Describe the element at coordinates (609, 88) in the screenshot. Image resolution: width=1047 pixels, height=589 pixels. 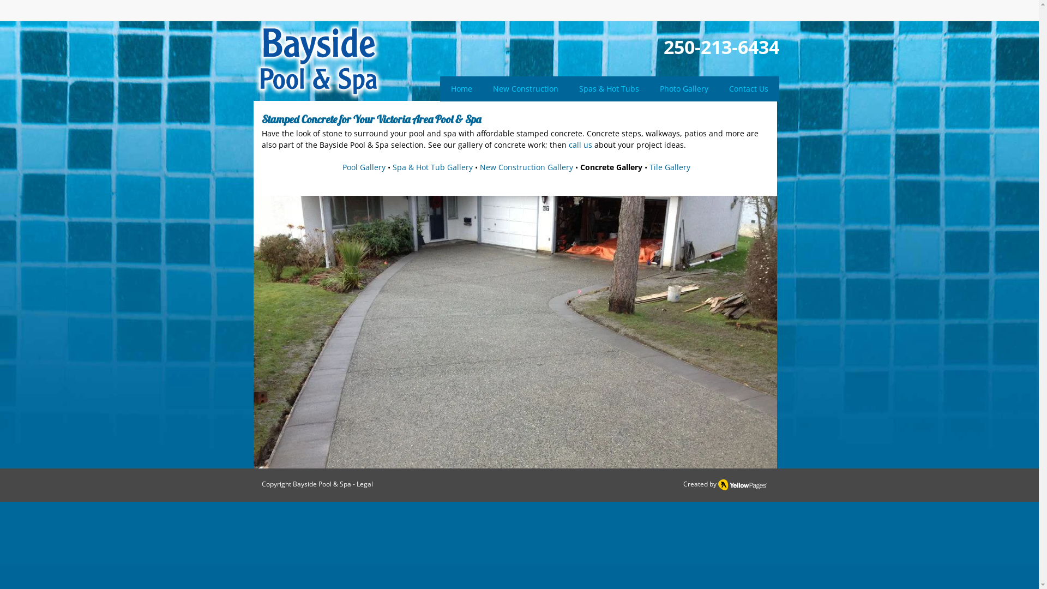
I see `'Spas & Hot Tubs'` at that location.